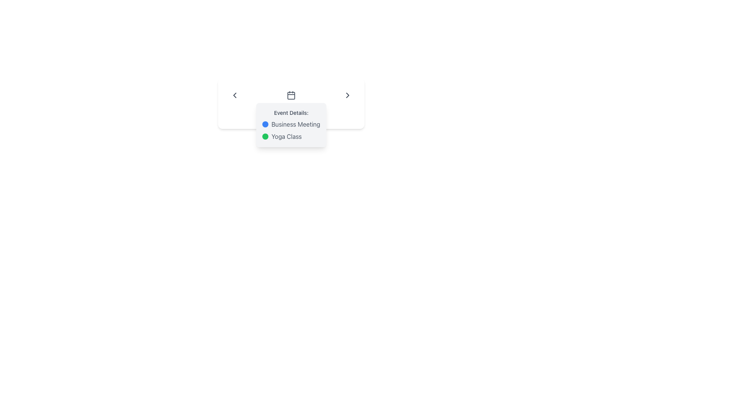  Describe the element at coordinates (234, 95) in the screenshot. I see `the leftmost chevron icon button in the toolbar` at that location.